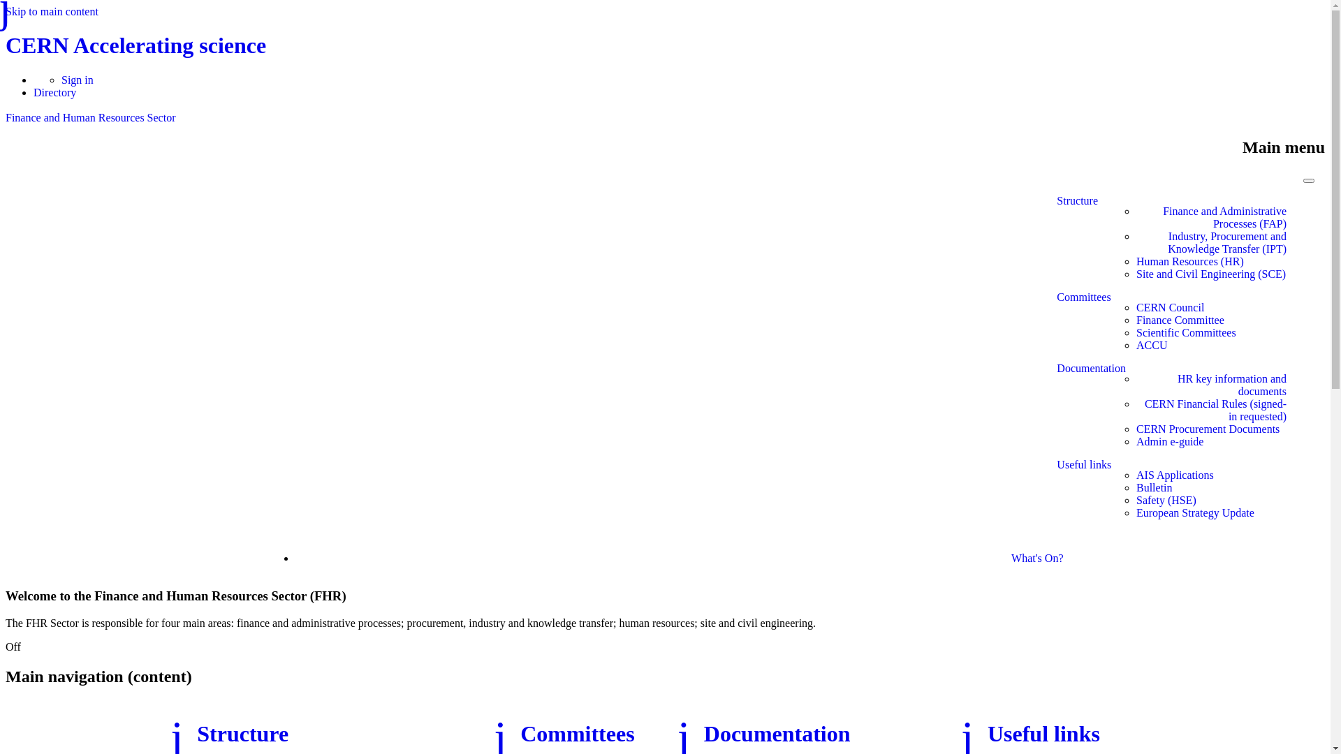 The height and width of the screenshot is (754, 1341). I want to click on 'Toggle navigation', so click(1307, 179).